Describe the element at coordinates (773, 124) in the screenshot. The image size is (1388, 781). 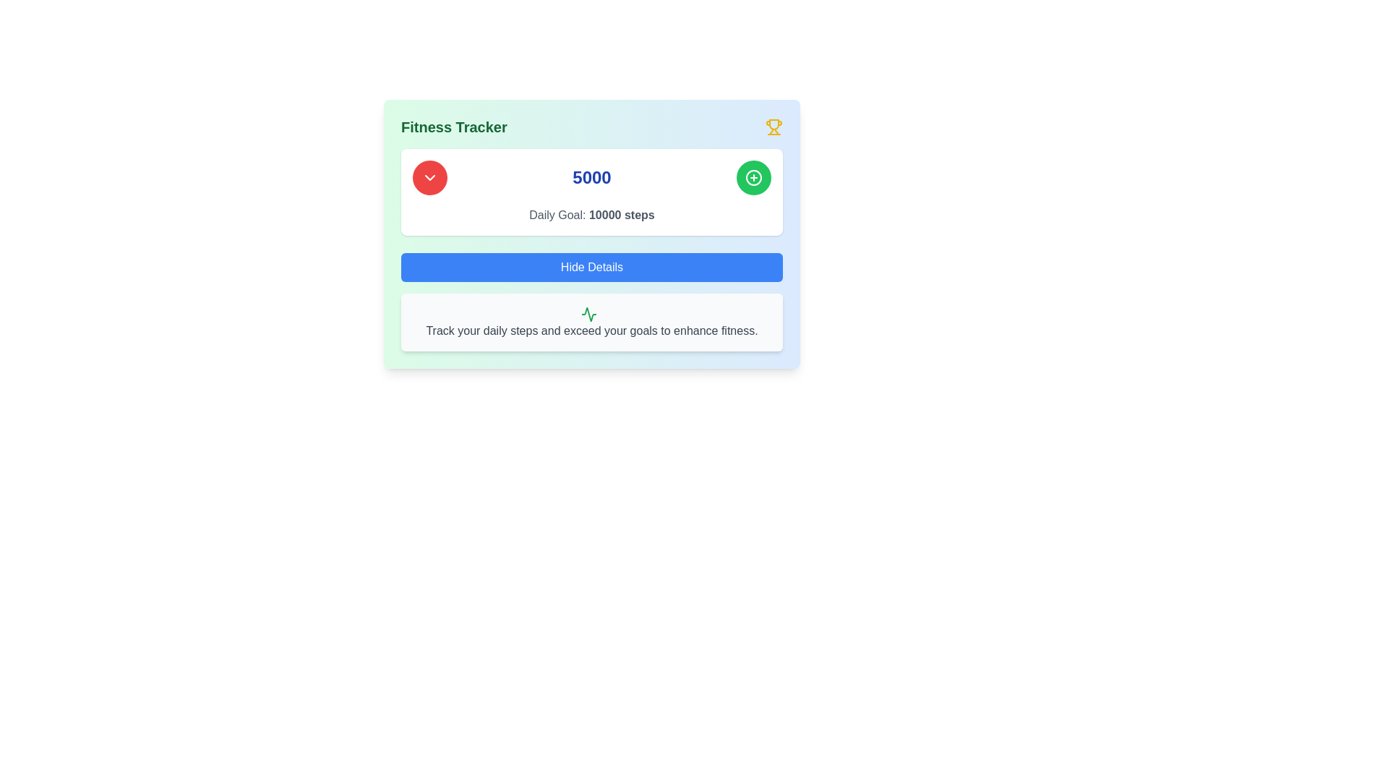
I see `the achievement icon located in the upper-right corner of the application, which represents rewards or notable features` at that location.